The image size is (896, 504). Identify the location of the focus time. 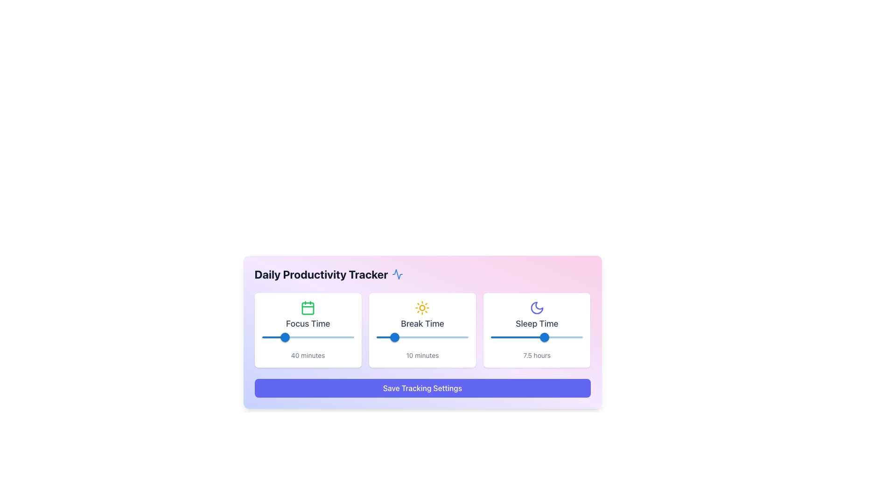
(273, 337).